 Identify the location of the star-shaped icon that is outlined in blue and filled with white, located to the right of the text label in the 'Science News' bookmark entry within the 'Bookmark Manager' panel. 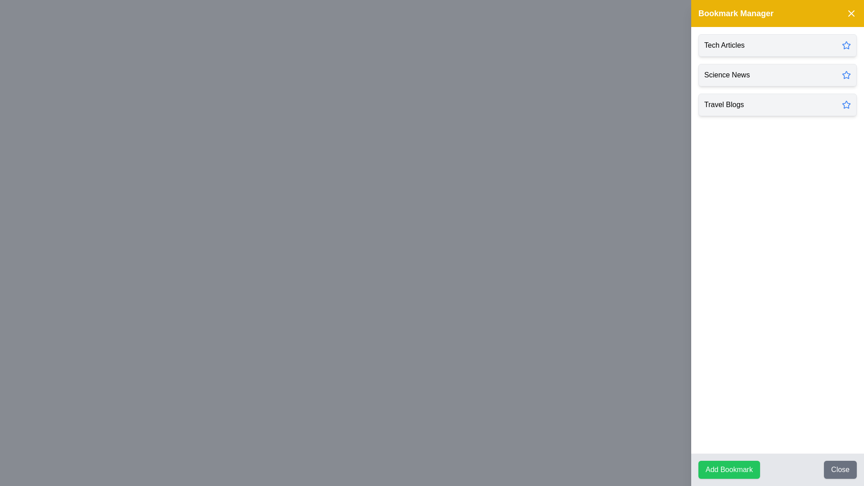
(846, 74).